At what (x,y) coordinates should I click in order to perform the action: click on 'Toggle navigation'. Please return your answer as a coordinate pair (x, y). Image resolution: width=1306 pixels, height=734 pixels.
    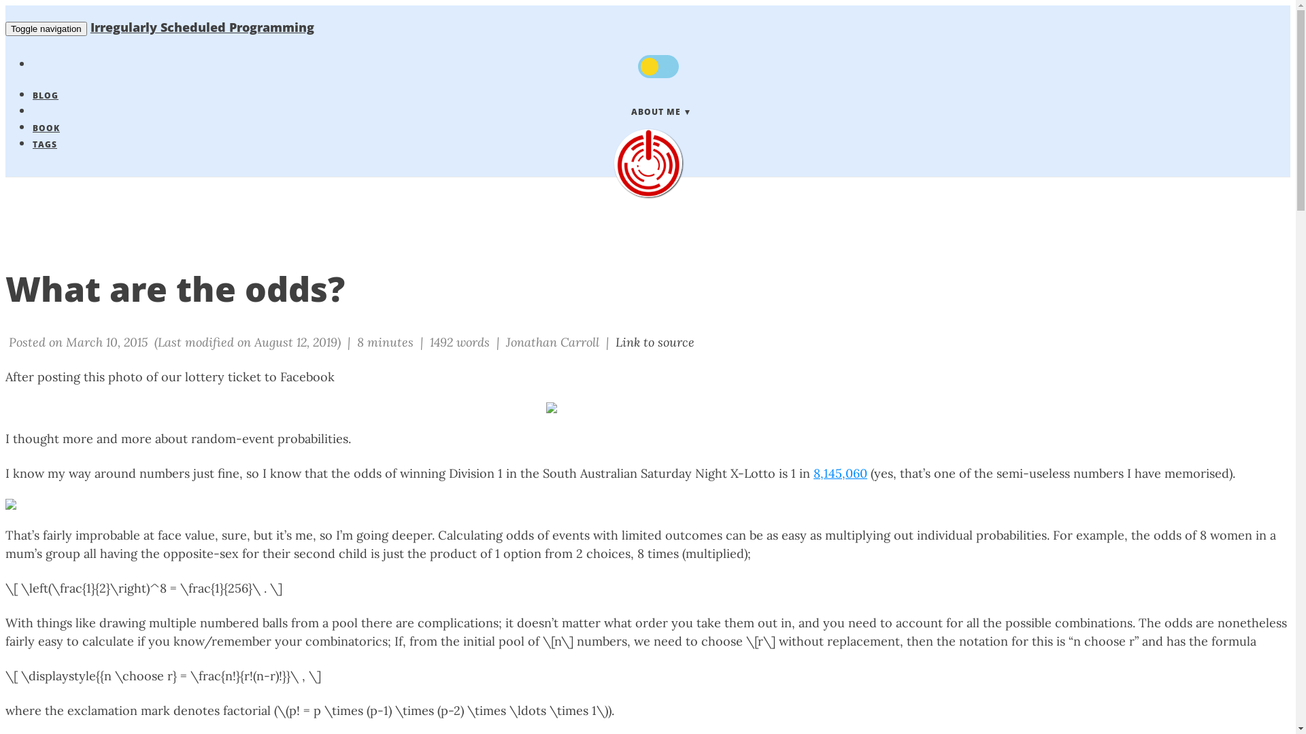
    Looking at the image, I should click on (46, 29).